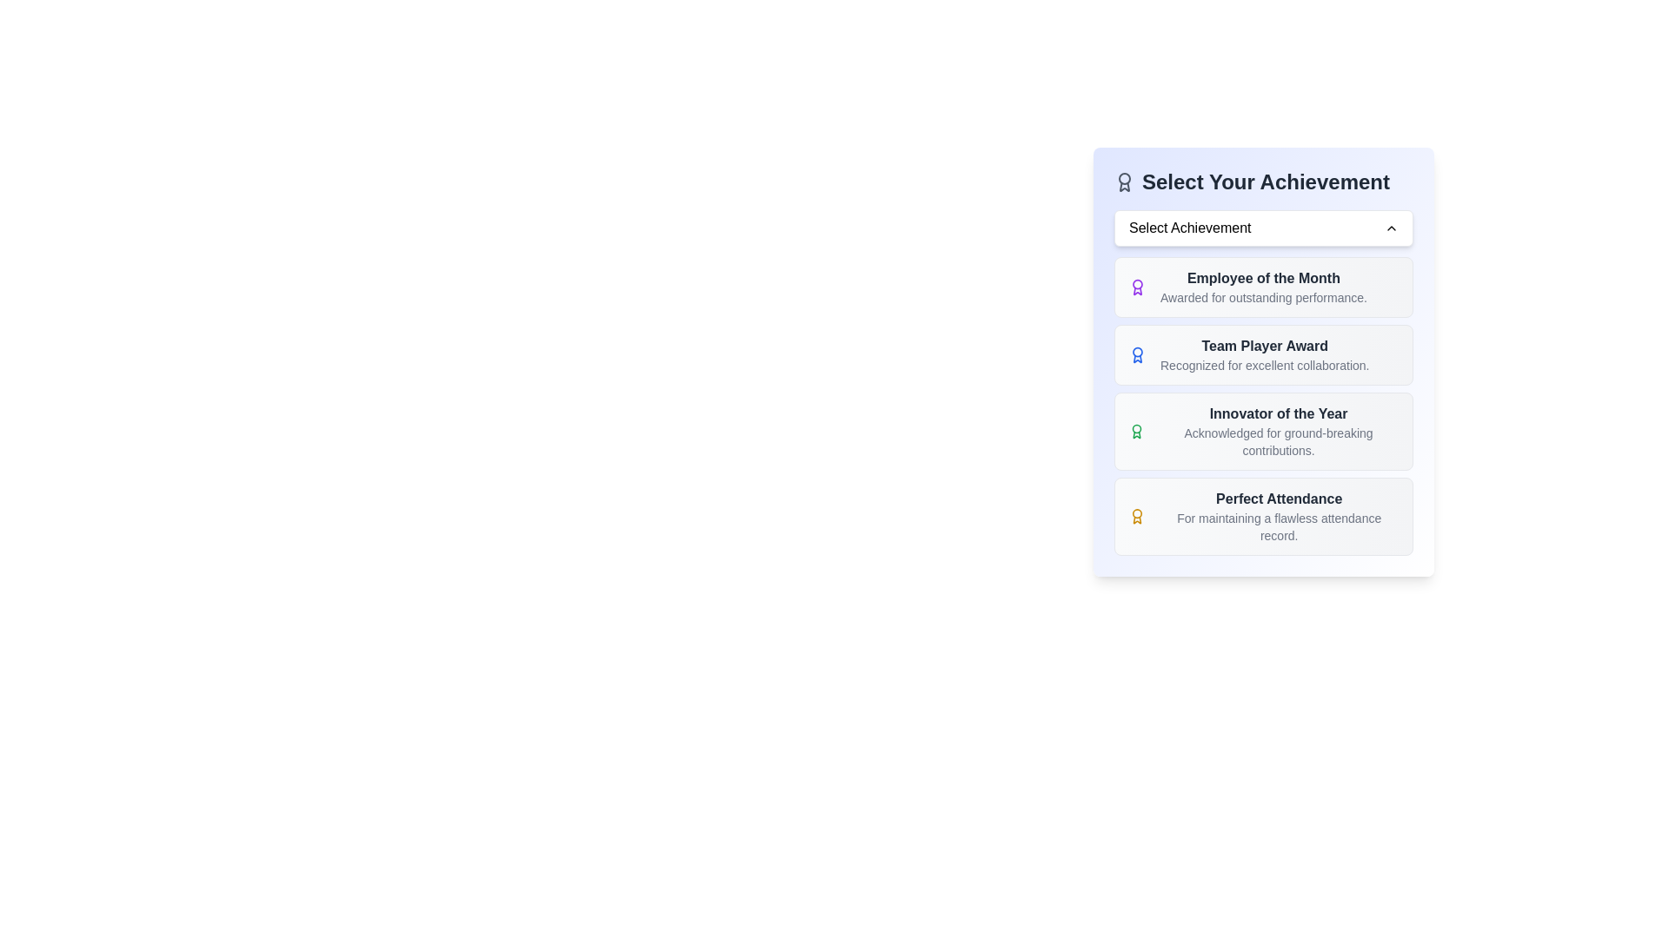 Image resolution: width=1669 pixels, height=938 pixels. What do you see at coordinates (1264, 287) in the screenshot?
I see `the 'Employee of the Month' award selection item, which features a purple ribbon icon and a bold heading` at bounding box center [1264, 287].